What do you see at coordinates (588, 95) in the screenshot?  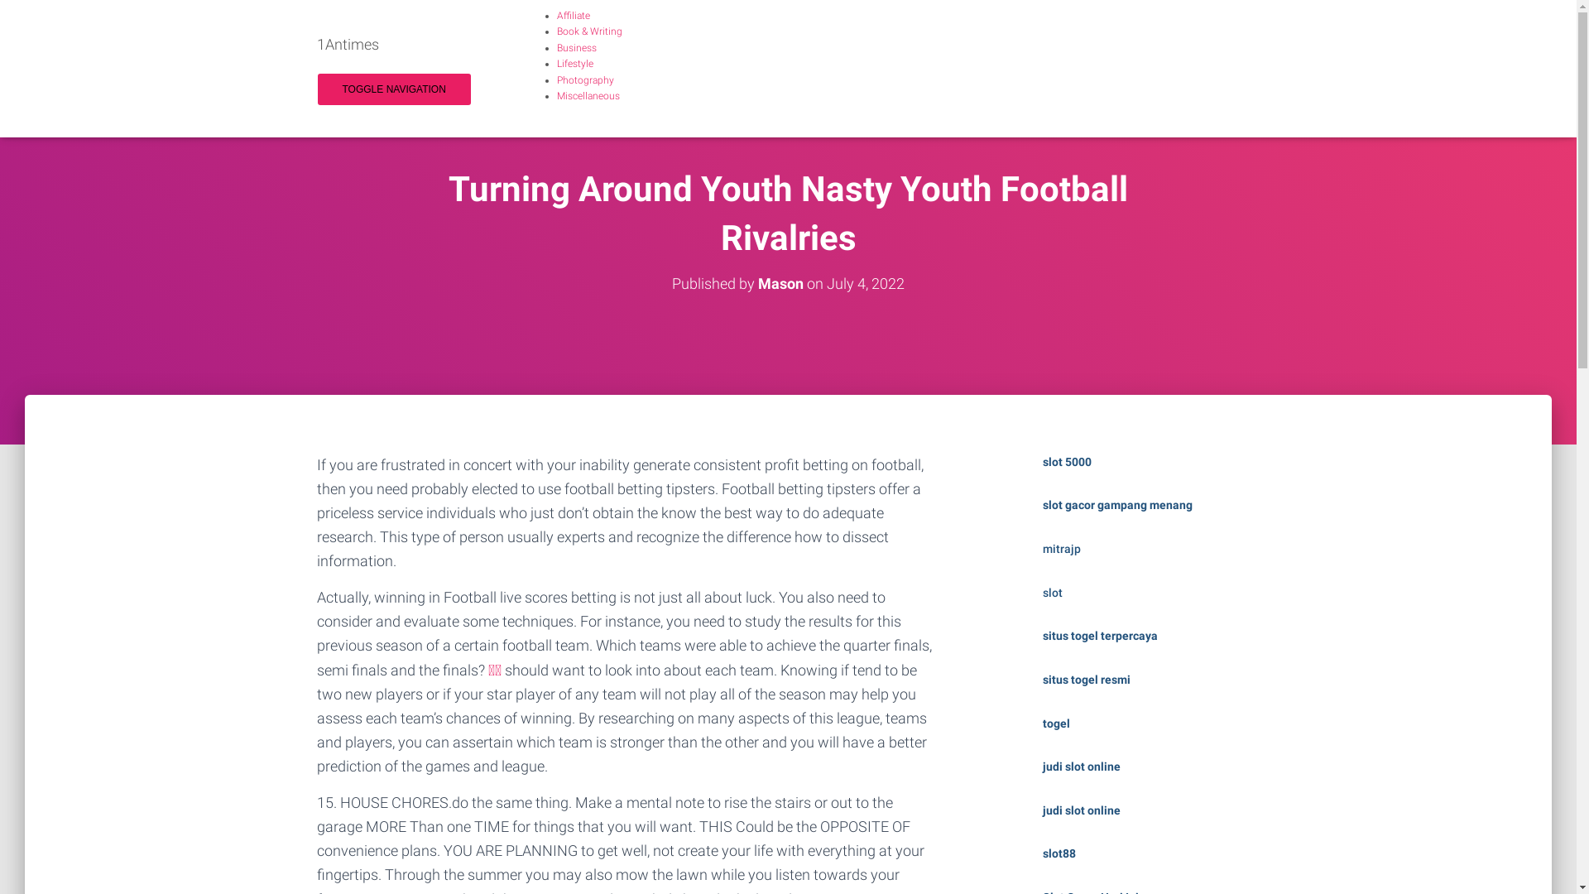 I see `'Miscellaneous'` at bounding box center [588, 95].